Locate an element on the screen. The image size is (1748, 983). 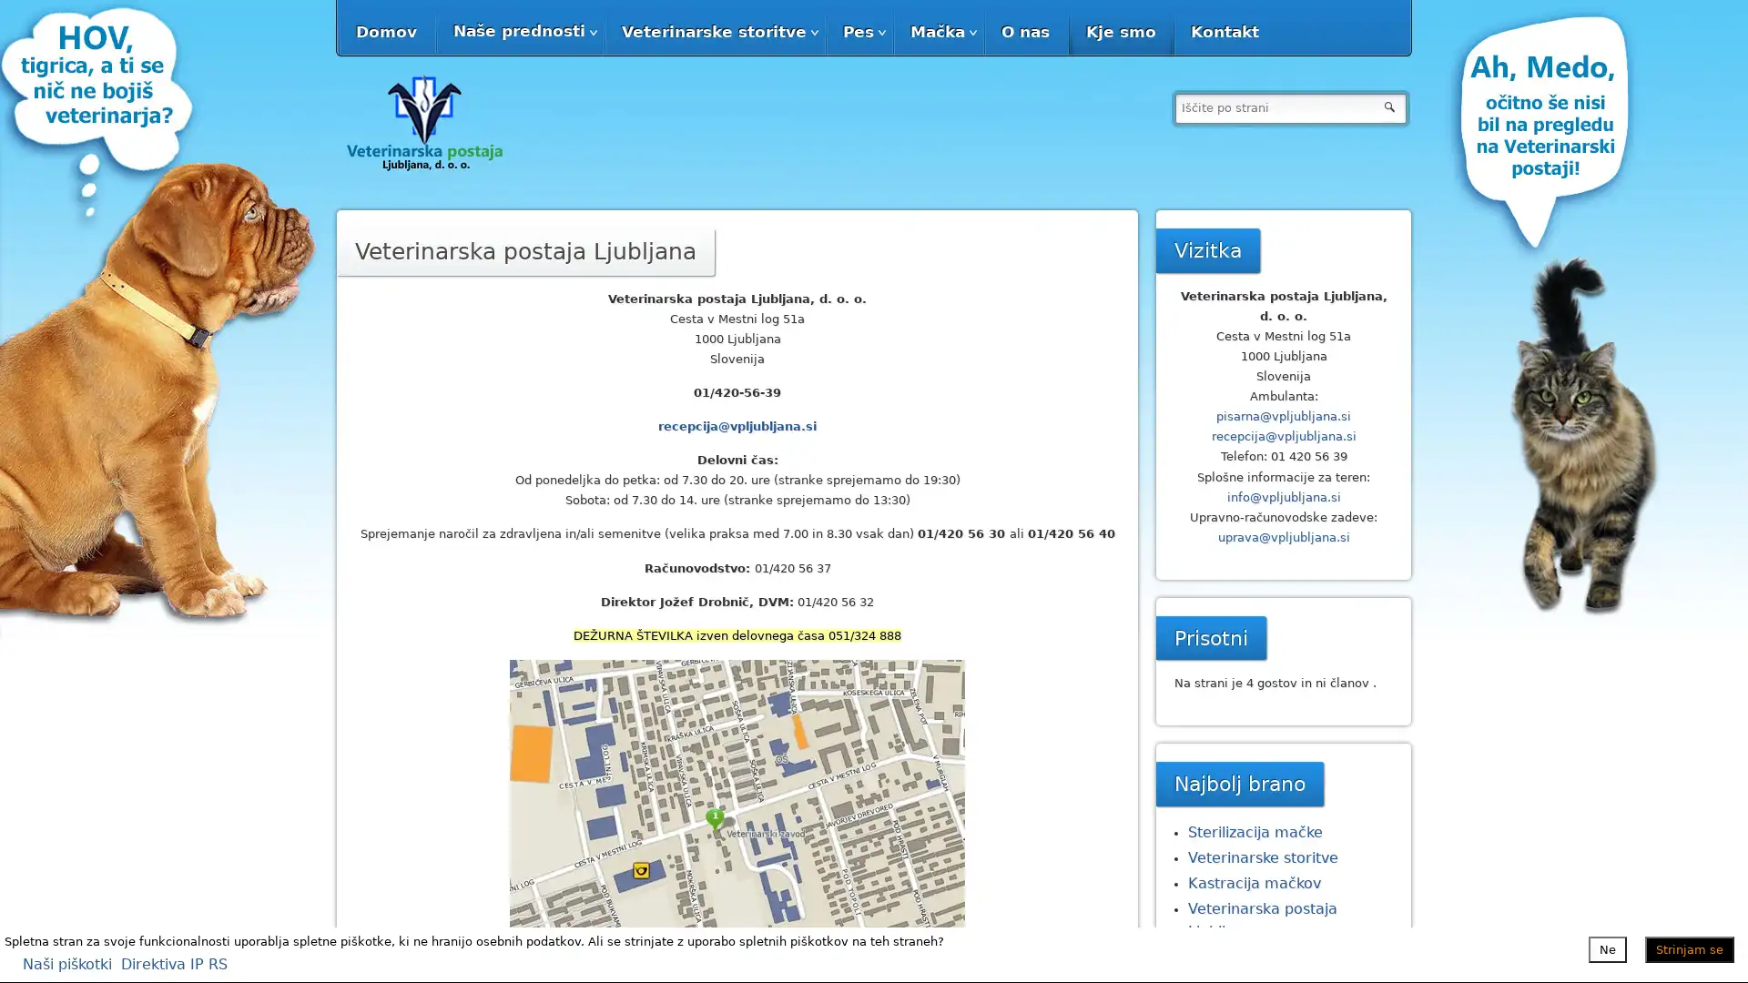
Strinjam se is located at coordinates (1689, 948).